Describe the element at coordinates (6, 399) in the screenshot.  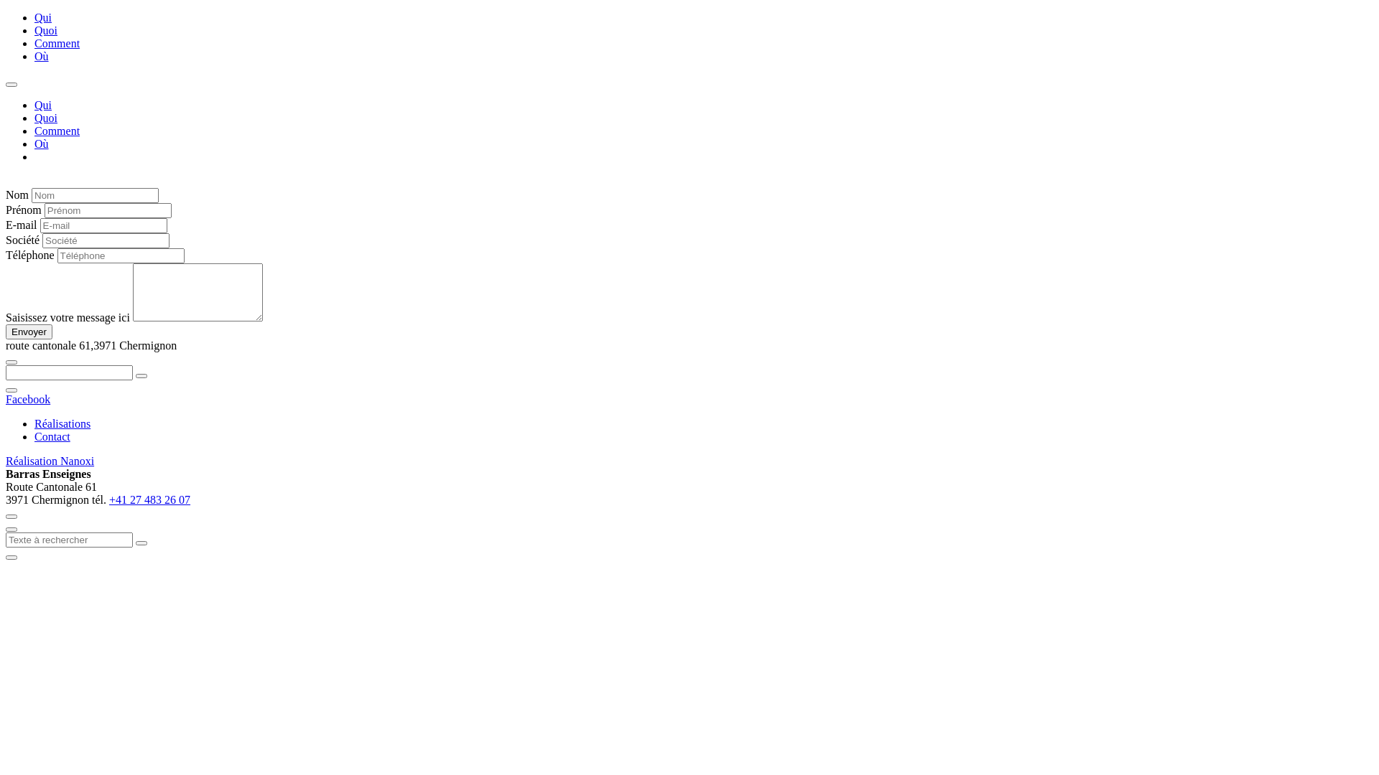
I see `'Facebook'` at that location.